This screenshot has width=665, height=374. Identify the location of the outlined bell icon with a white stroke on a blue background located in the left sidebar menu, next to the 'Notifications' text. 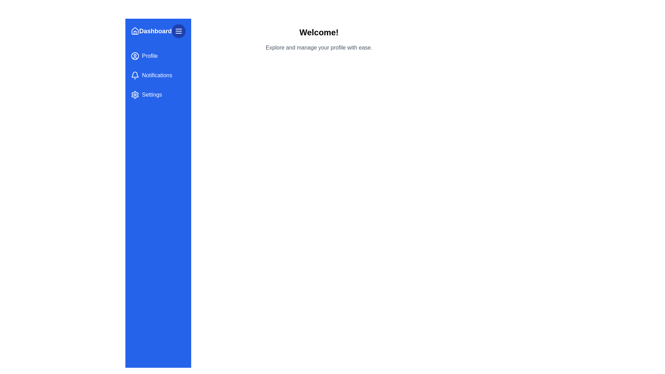
(135, 75).